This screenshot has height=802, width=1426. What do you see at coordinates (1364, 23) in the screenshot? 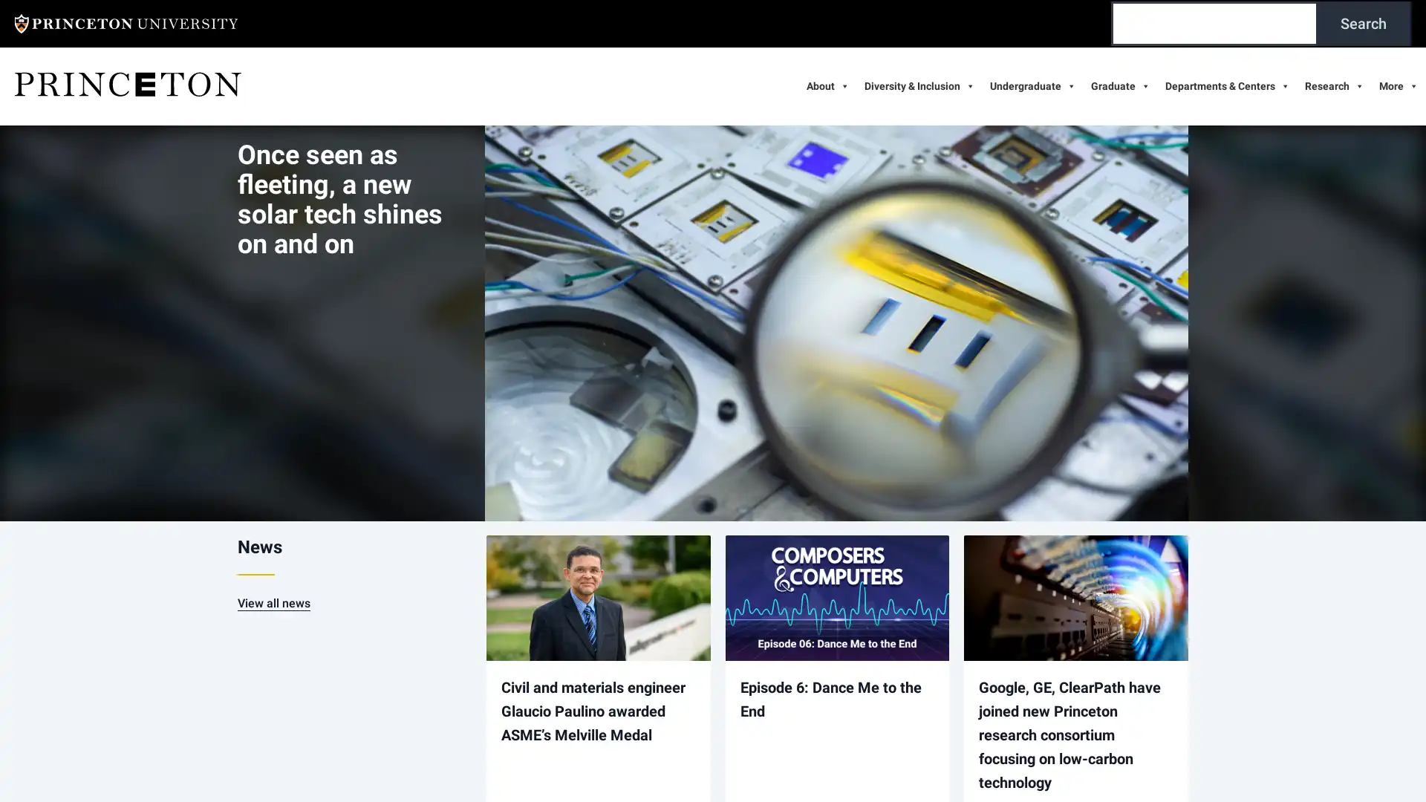
I see `Search` at bounding box center [1364, 23].